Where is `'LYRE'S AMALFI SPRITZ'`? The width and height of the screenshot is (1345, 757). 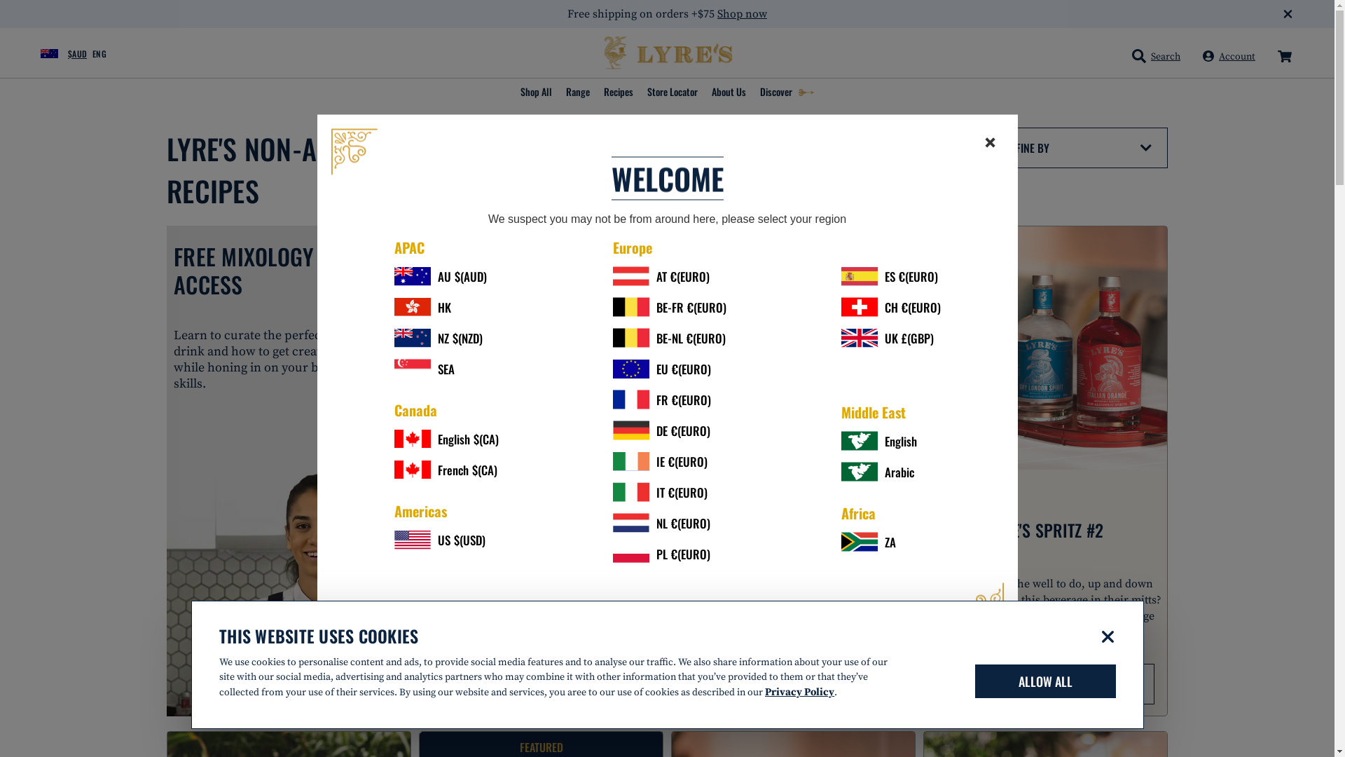 'LYRE'S AMALFI SPRITZ' is located at coordinates (793, 530).